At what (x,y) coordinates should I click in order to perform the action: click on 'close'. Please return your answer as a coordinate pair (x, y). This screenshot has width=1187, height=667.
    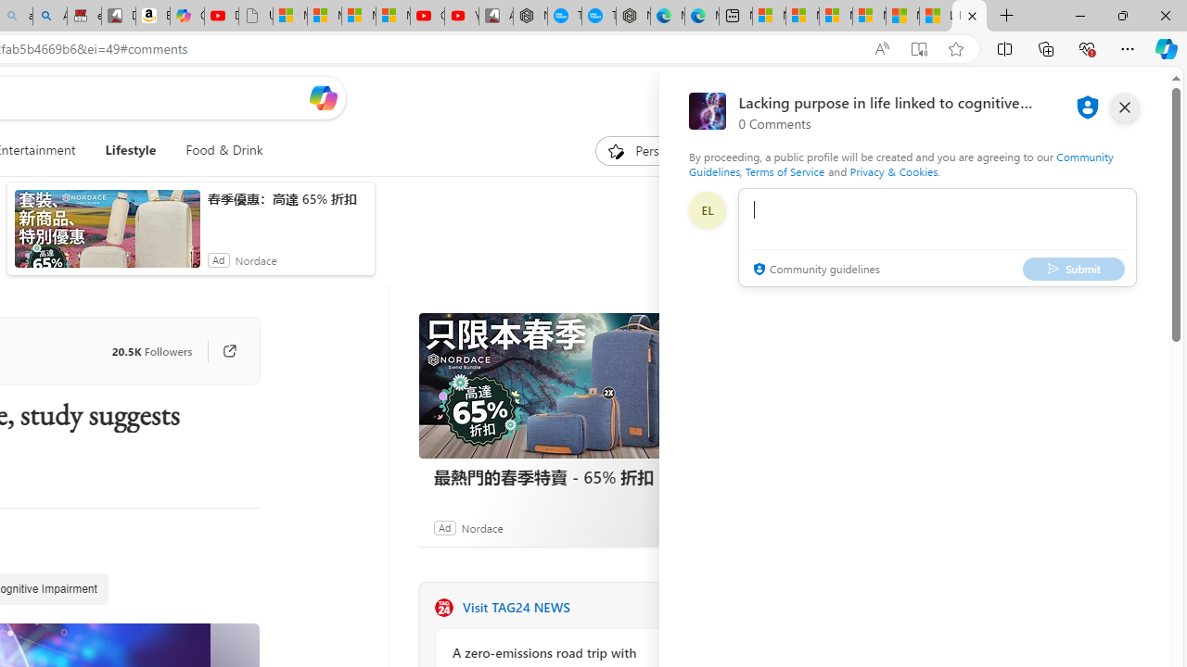
    Looking at the image, I should click on (1123, 107).